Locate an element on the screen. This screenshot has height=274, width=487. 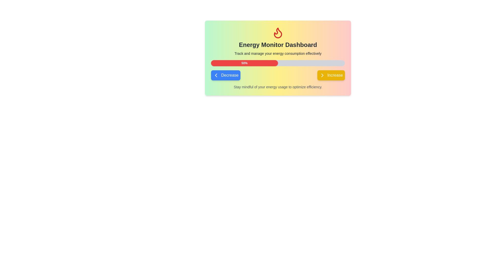
the unique flame design SVG graphic located at the top center of the card interface is located at coordinates (277, 33).